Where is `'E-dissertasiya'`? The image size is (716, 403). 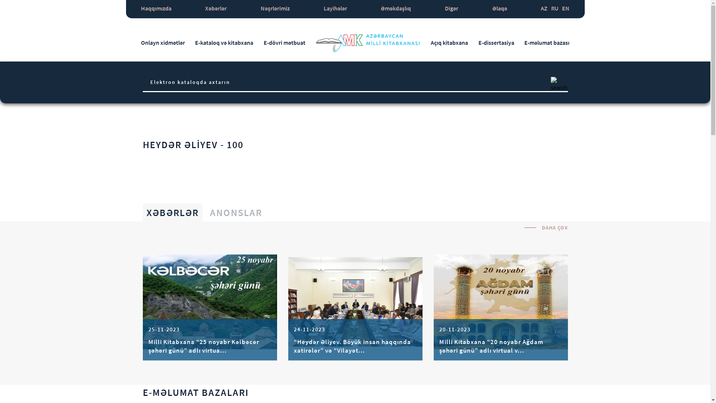
'E-dissertasiya' is located at coordinates (478, 43).